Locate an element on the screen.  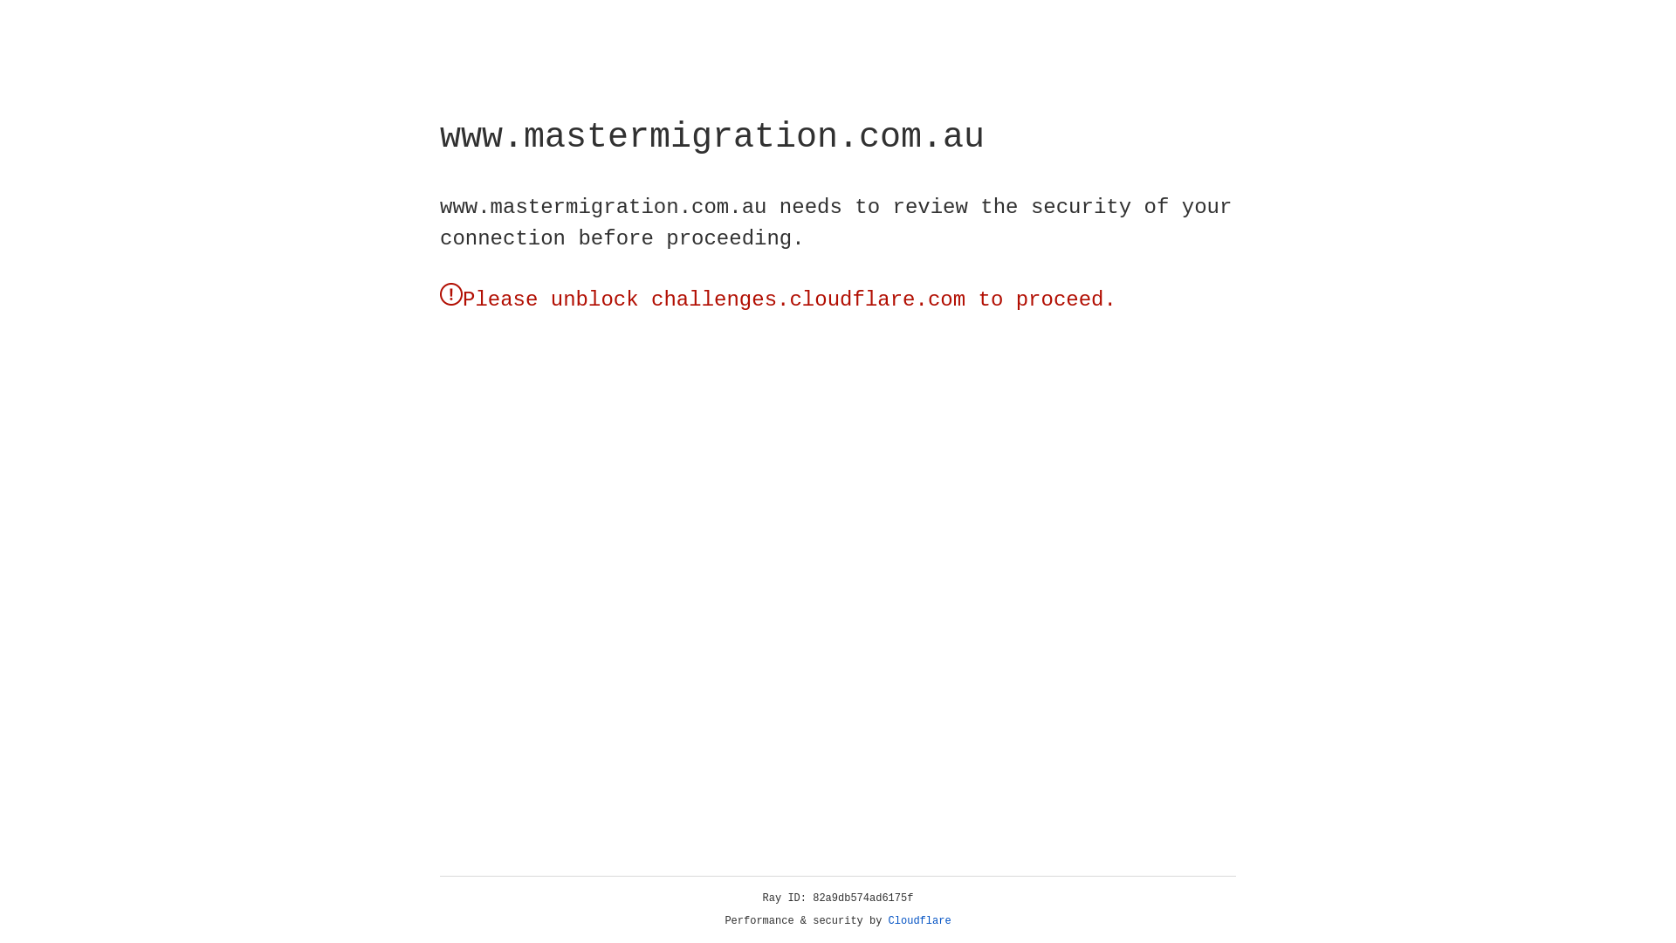
'Cloudflare' is located at coordinates (919, 920).